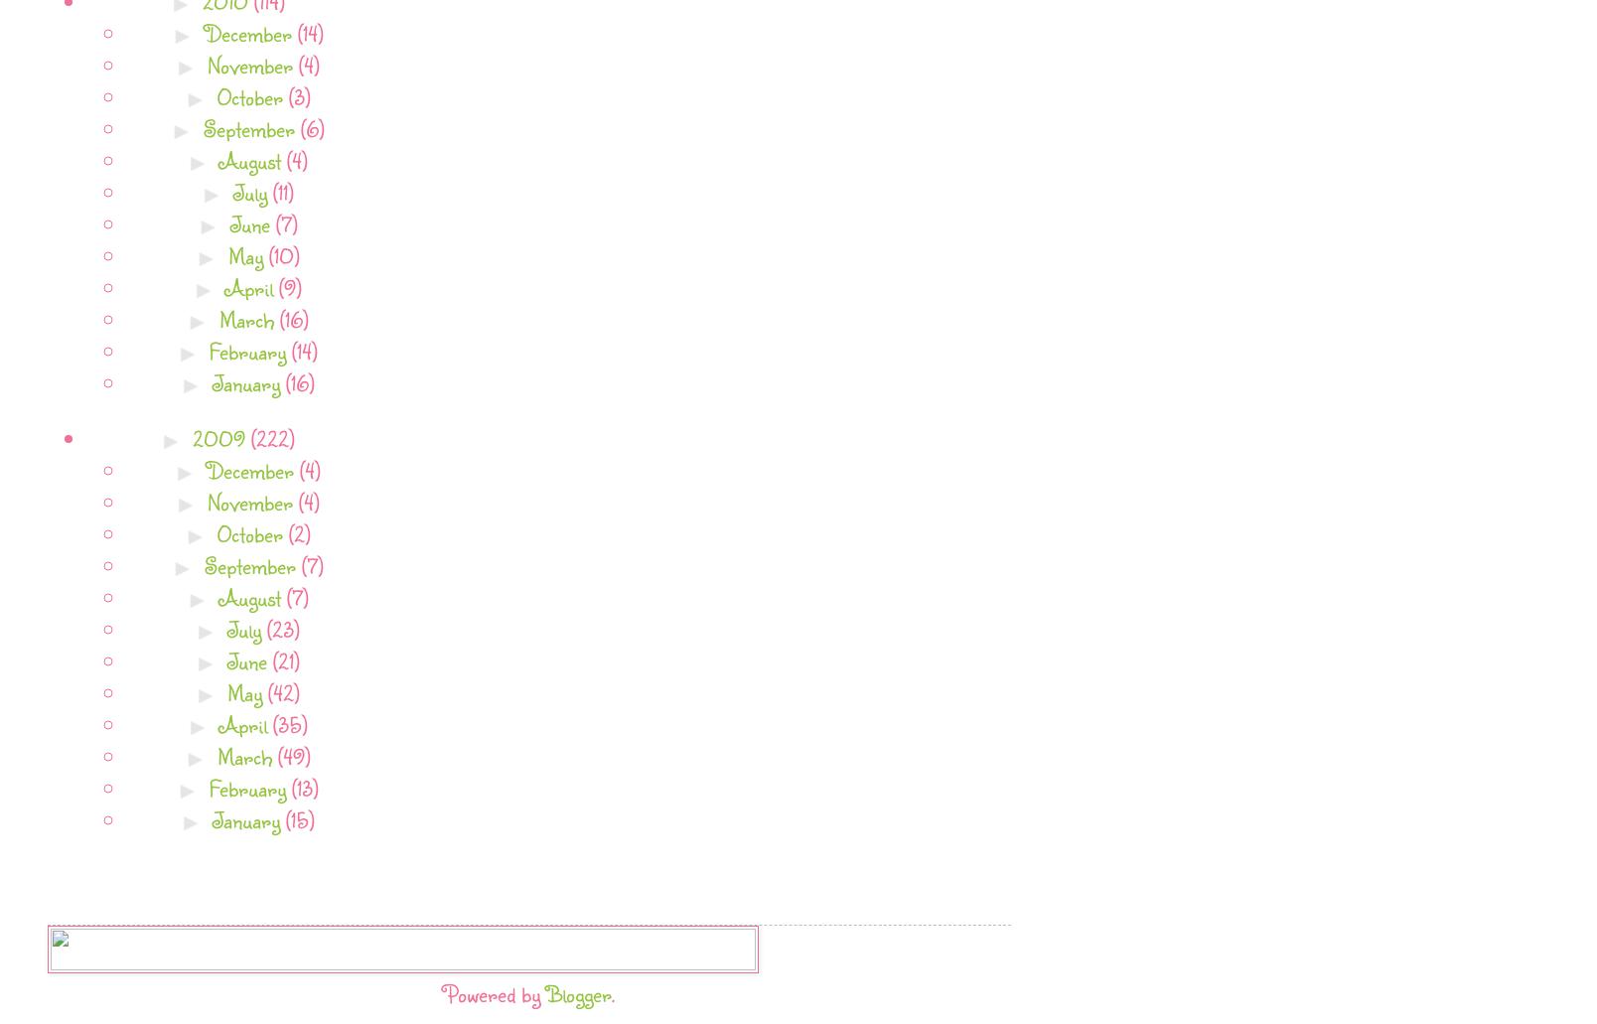 This screenshot has height=1024, width=1597. What do you see at coordinates (299, 817) in the screenshot?
I see `'(15)'` at bounding box center [299, 817].